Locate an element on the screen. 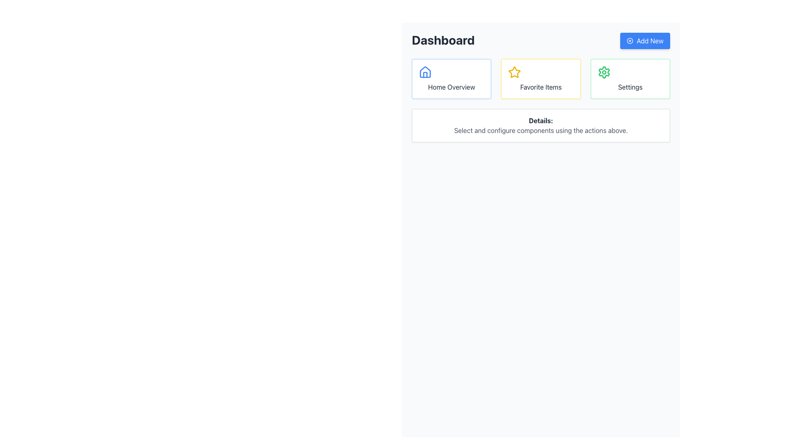 This screenshot has width=786, height=442. the star icon located at the top-center of the 'Favorite Items' card, which indicates importance or favoritism is located at coordinates (514, 72).